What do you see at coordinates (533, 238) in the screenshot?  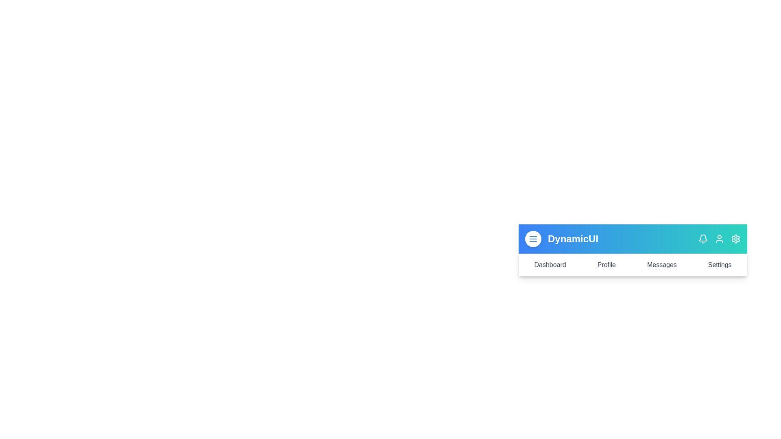 I see `the menu button to toggle the menu visibility` at bounding box center [533, 238].